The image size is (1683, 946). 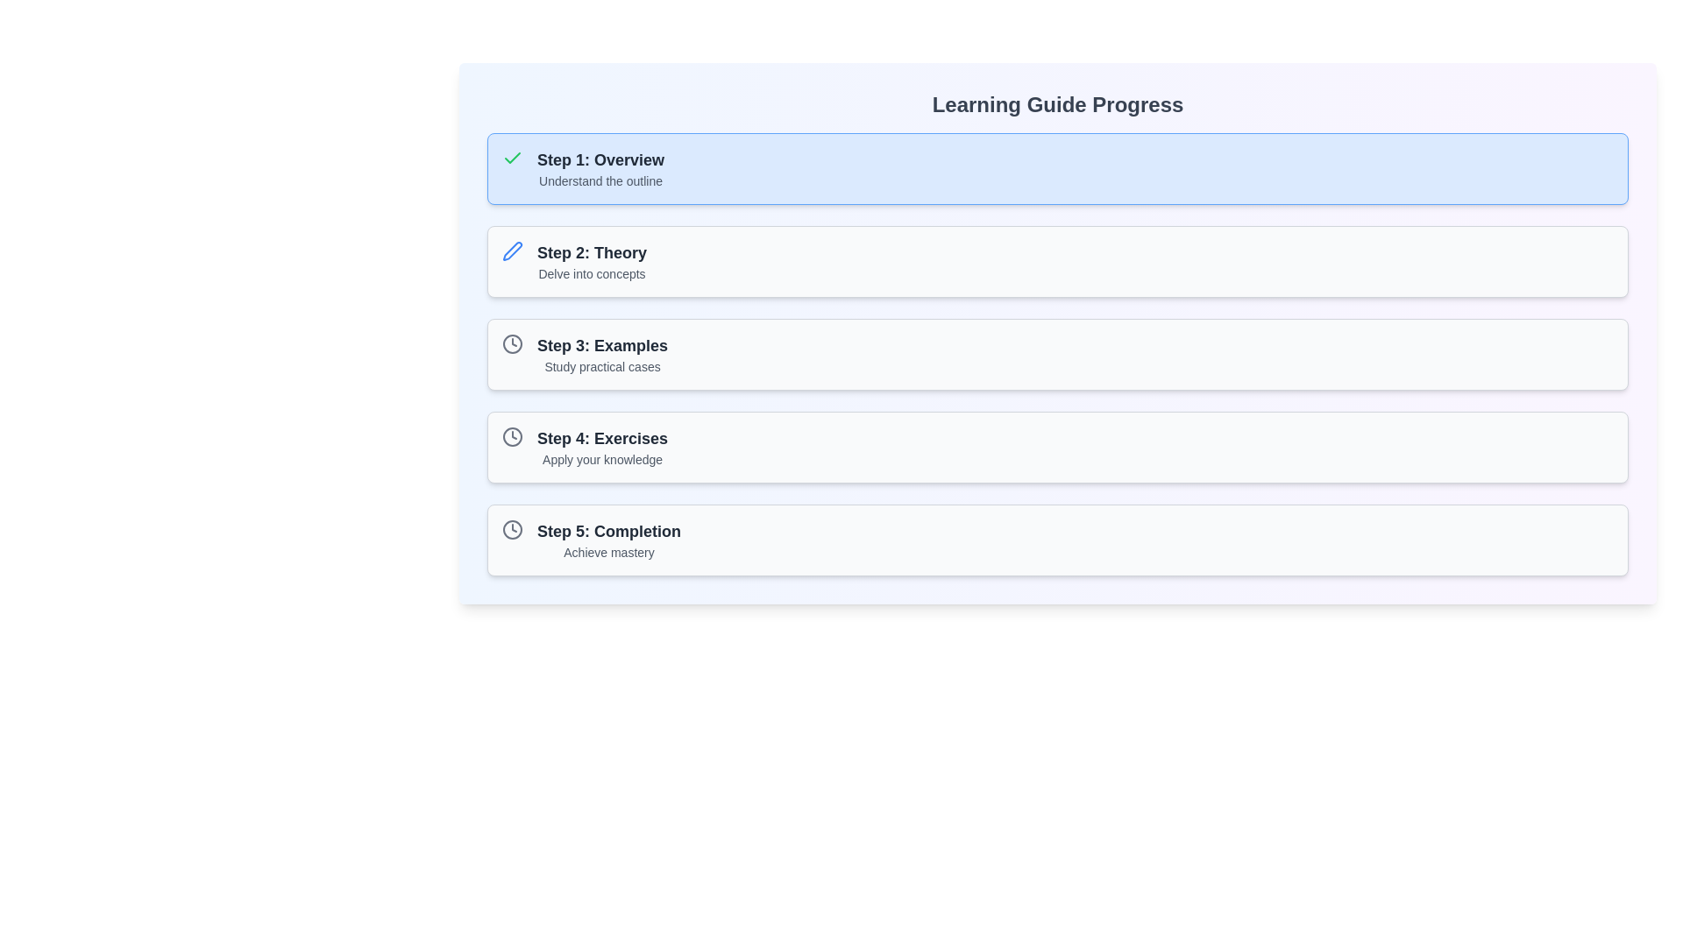 I want to click on the descriptive text label located directly below the 'Step 1: Overview' section in the learning guide interface, so click(x=600, y=181).